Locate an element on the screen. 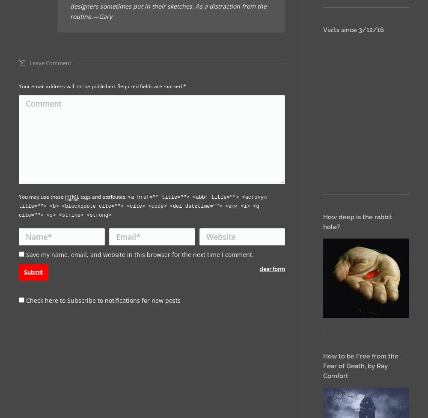 Image resolution: width=428 pixels, height=418 pixels. 'tags and attributes:' is located at coordinates (103, 196).